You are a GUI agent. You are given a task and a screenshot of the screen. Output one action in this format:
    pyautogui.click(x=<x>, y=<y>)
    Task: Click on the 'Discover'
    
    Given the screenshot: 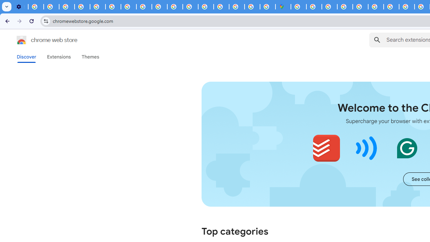 What is the action you would take?
    pyautogui.click(x=27, y=56)
    